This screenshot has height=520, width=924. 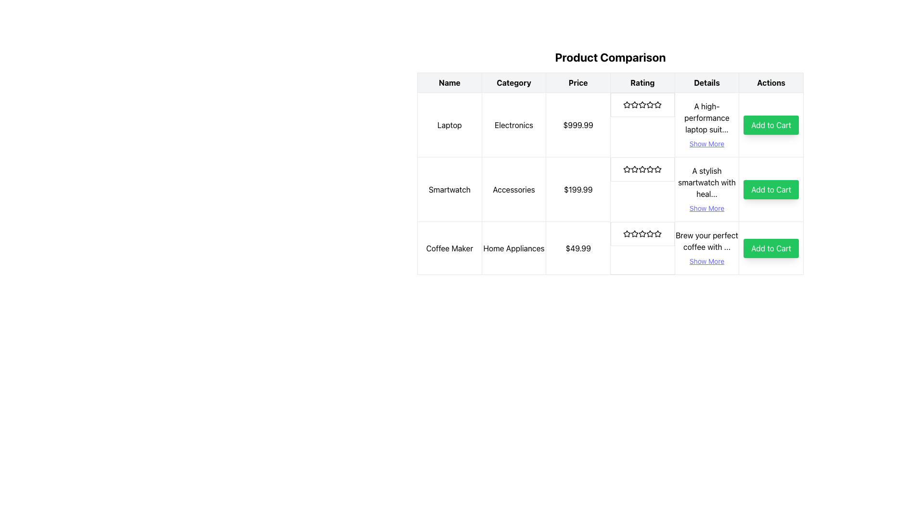 I want to click on the third star icon in the 'Rating' column of the 'Product Comparison' table for the 'Coffee Maker' row, which represents a user rating, so click(x=642, y=234).